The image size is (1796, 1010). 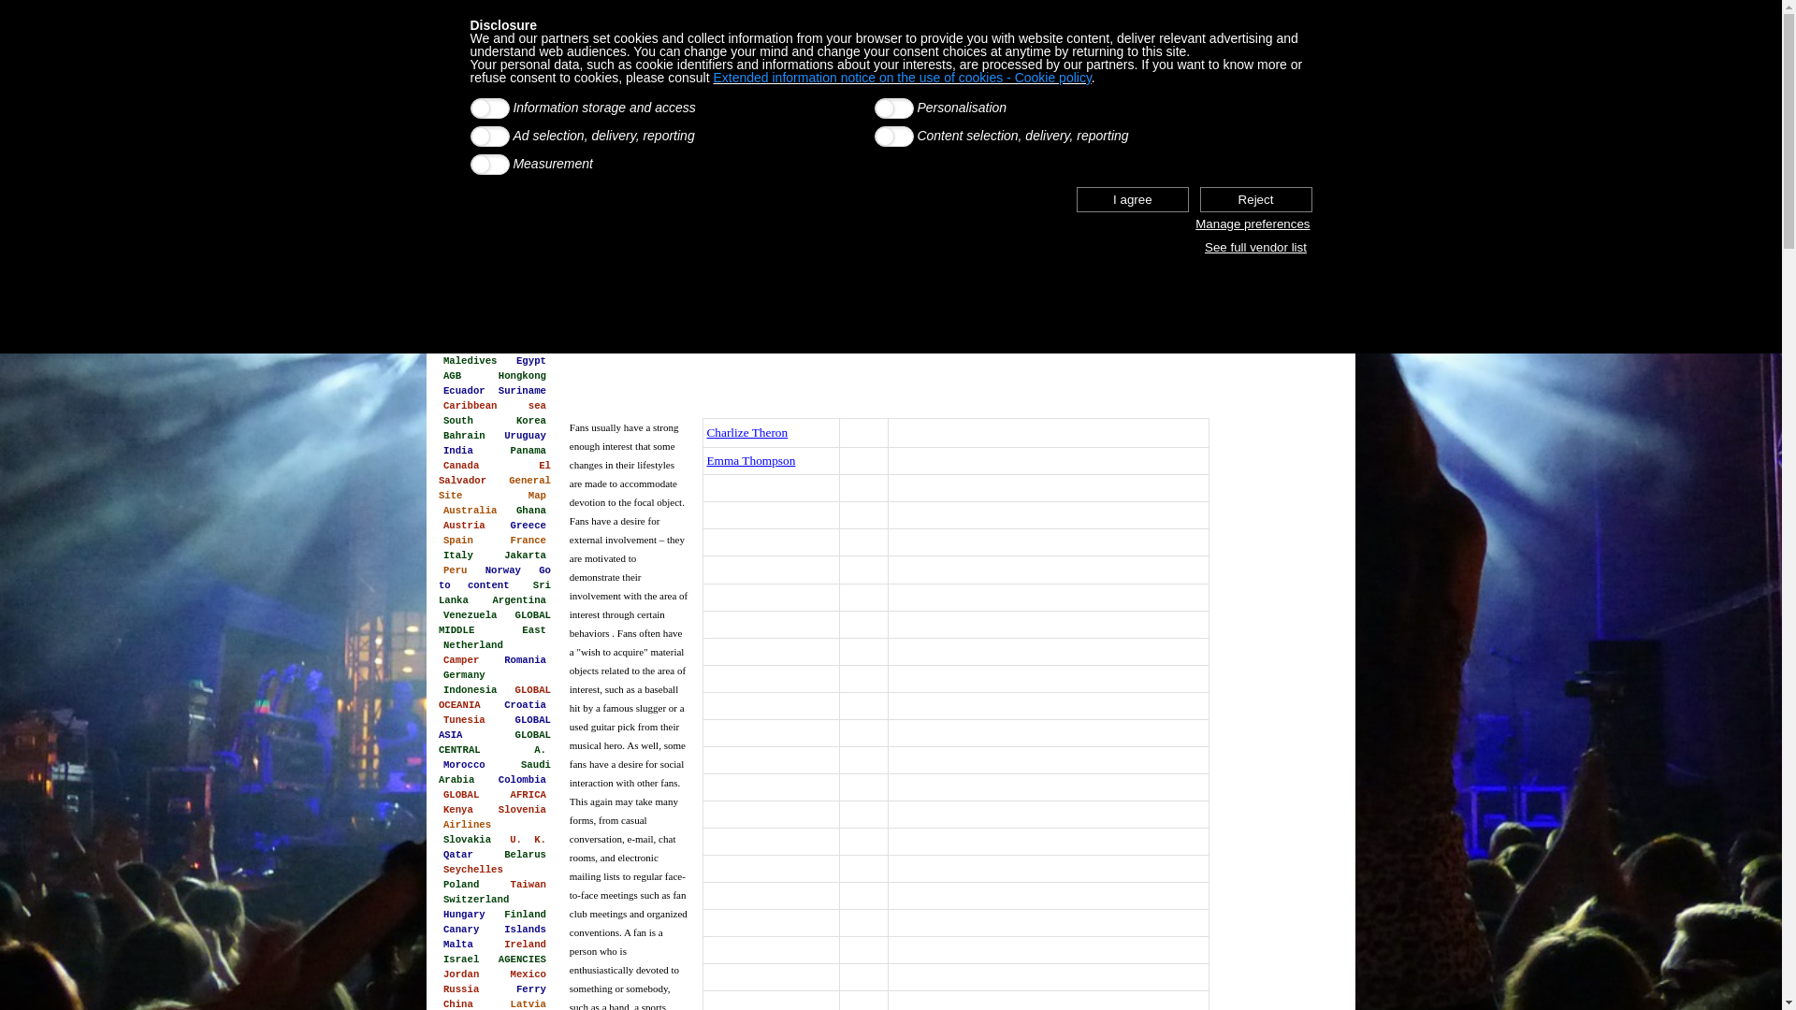 I want to click on 'Jakarta', so click(x=524, y=555).